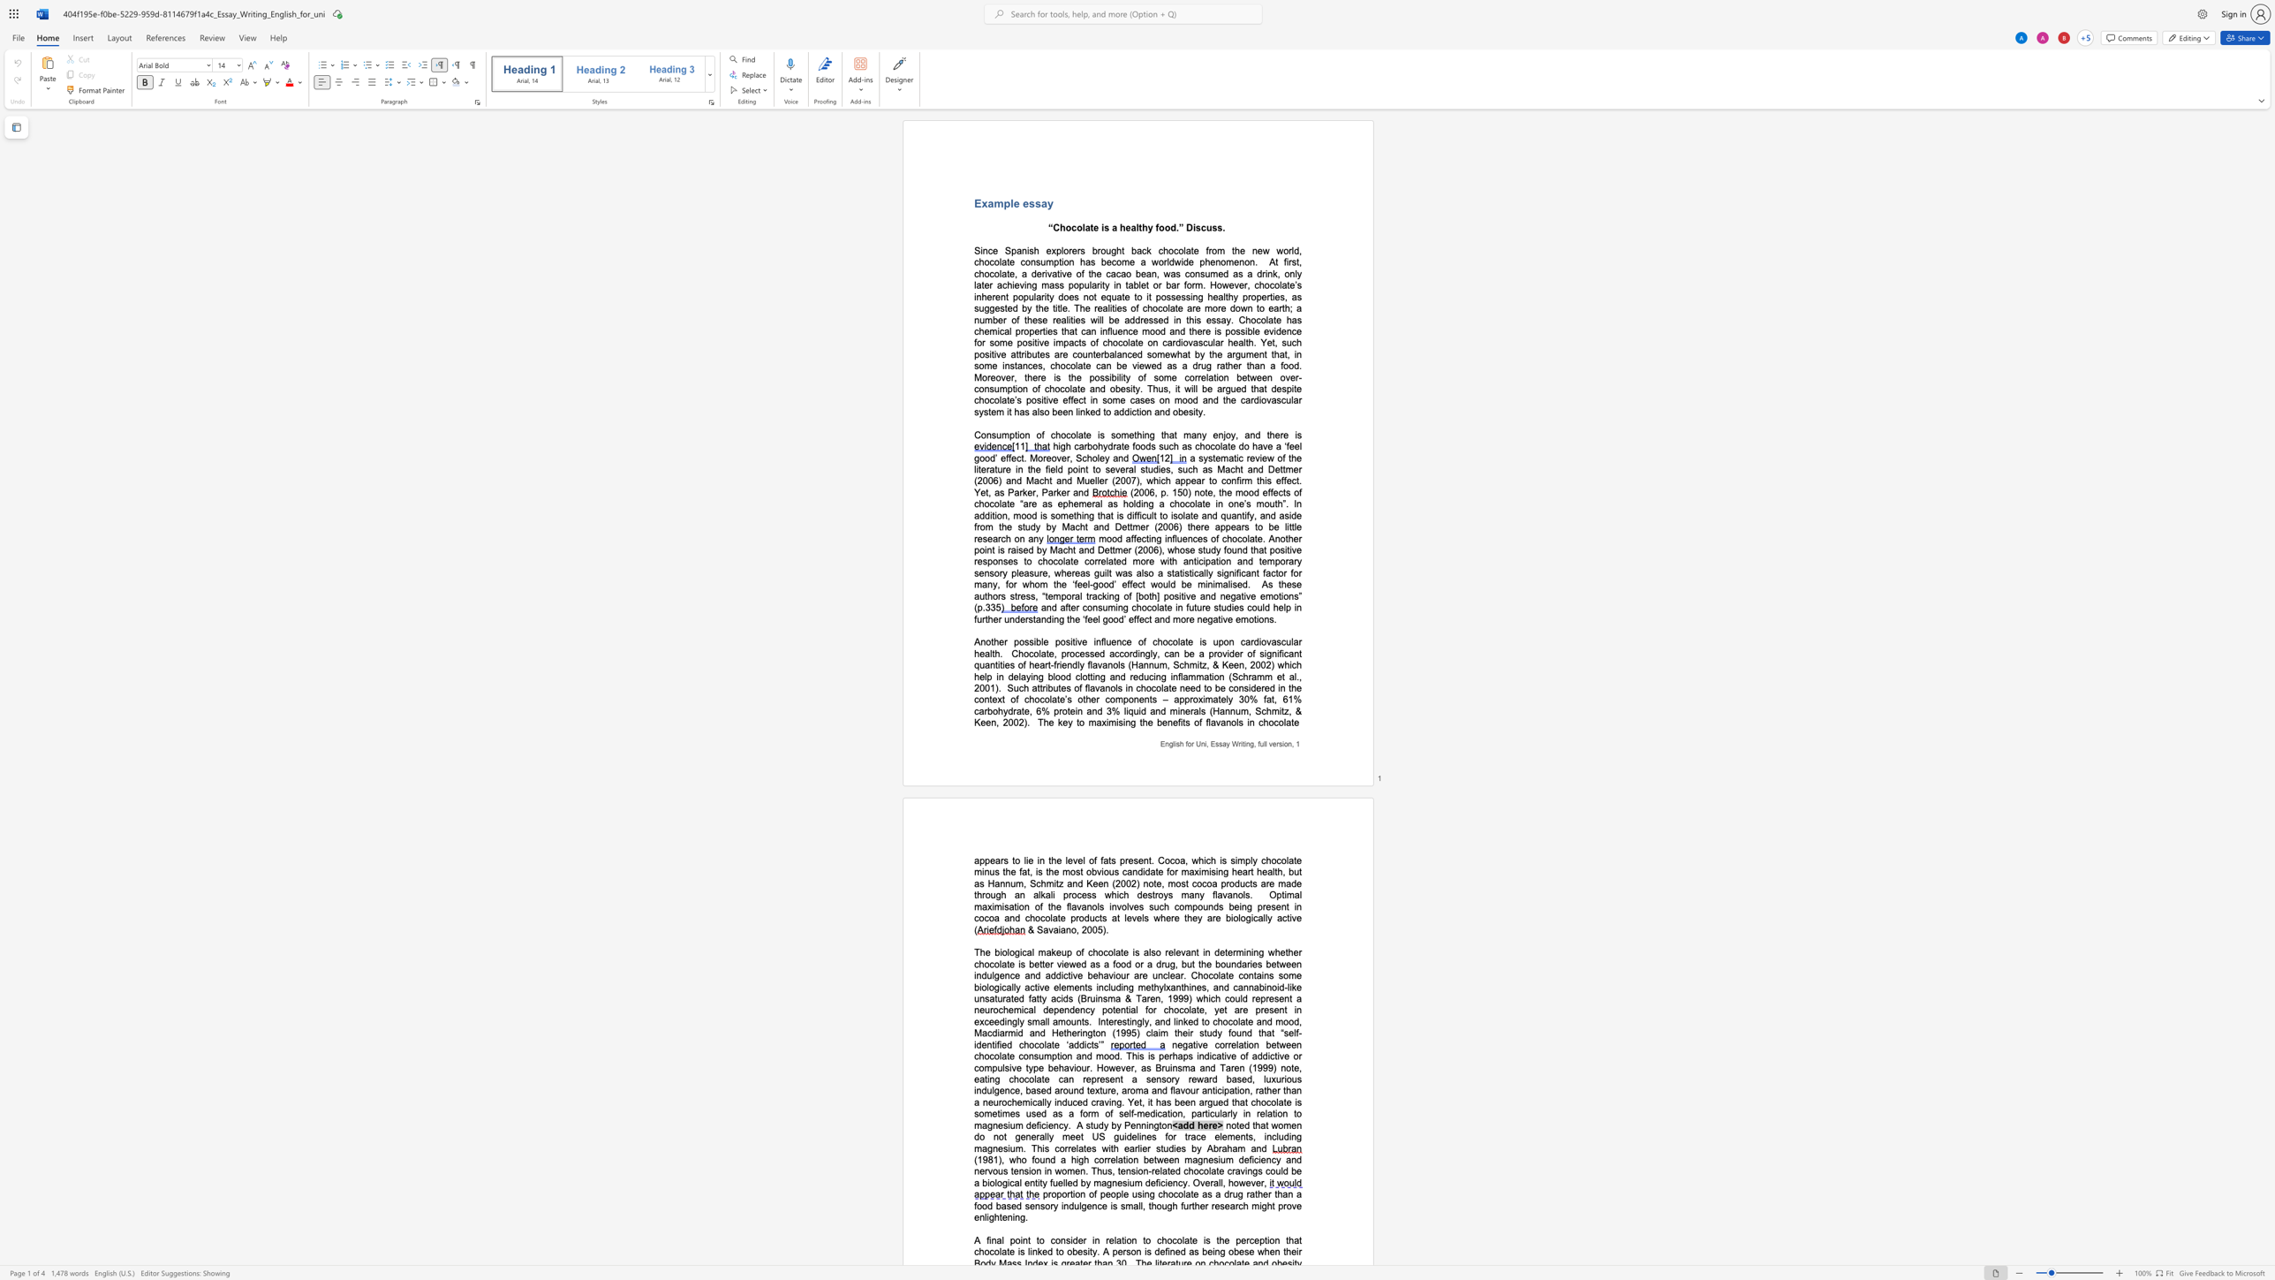 Image resolution: width=2275 pixels, height=1280 pixels. I want to click on the space between the continuous character "o" and "m" in the text, so click(1158, 353).